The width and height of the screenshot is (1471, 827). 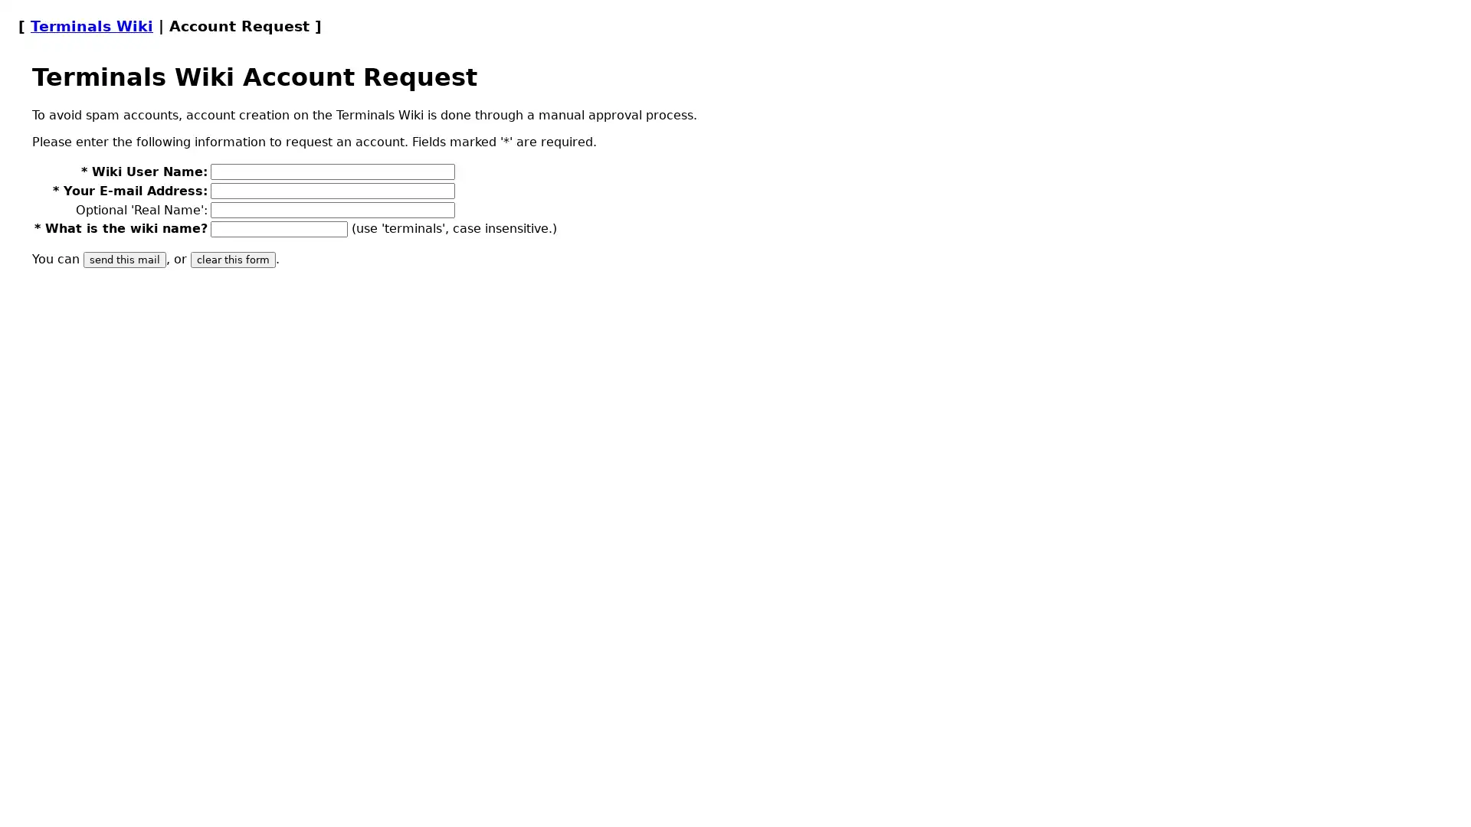 I want to click on clear this form, so click(x=232, y=259).